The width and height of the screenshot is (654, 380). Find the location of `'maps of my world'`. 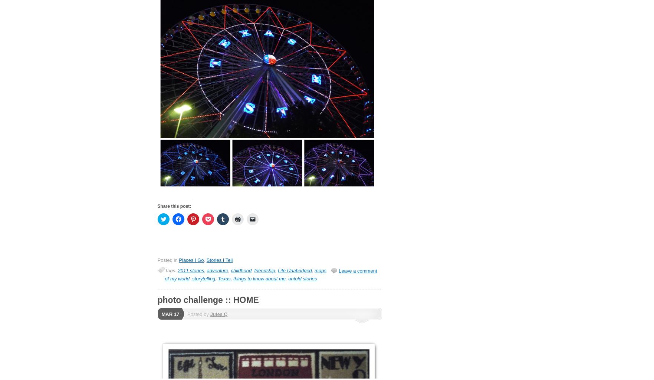

'maps of my world' is located at coordinates (245, 274).